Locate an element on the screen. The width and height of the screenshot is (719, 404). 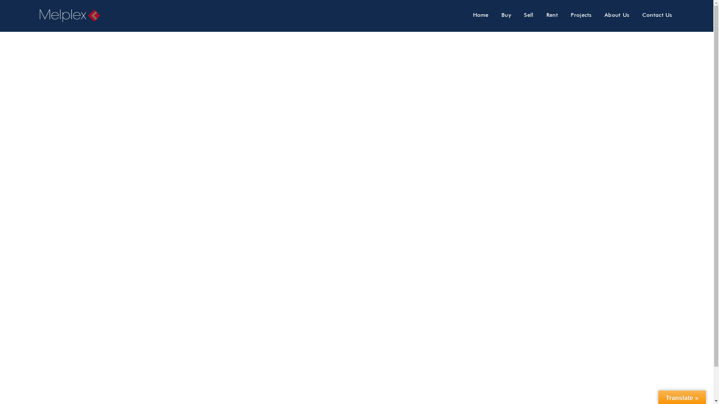
'Home' is located at coordinates (467, 15).